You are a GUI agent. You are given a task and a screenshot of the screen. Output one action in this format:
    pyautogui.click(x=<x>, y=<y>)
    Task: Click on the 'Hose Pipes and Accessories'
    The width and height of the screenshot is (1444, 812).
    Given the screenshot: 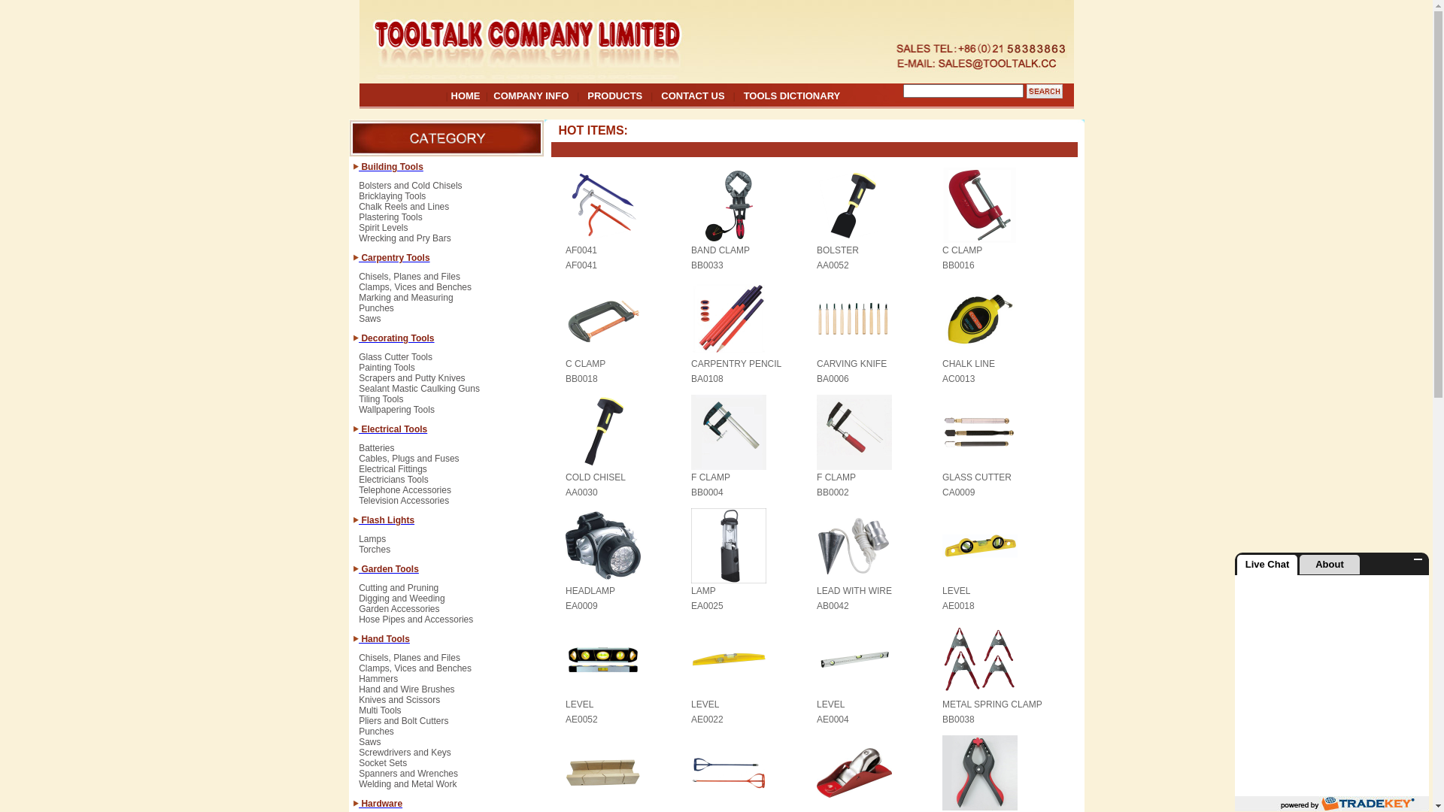 What is the action you would take?
    pyautogui.click(x=415, y=620)
    